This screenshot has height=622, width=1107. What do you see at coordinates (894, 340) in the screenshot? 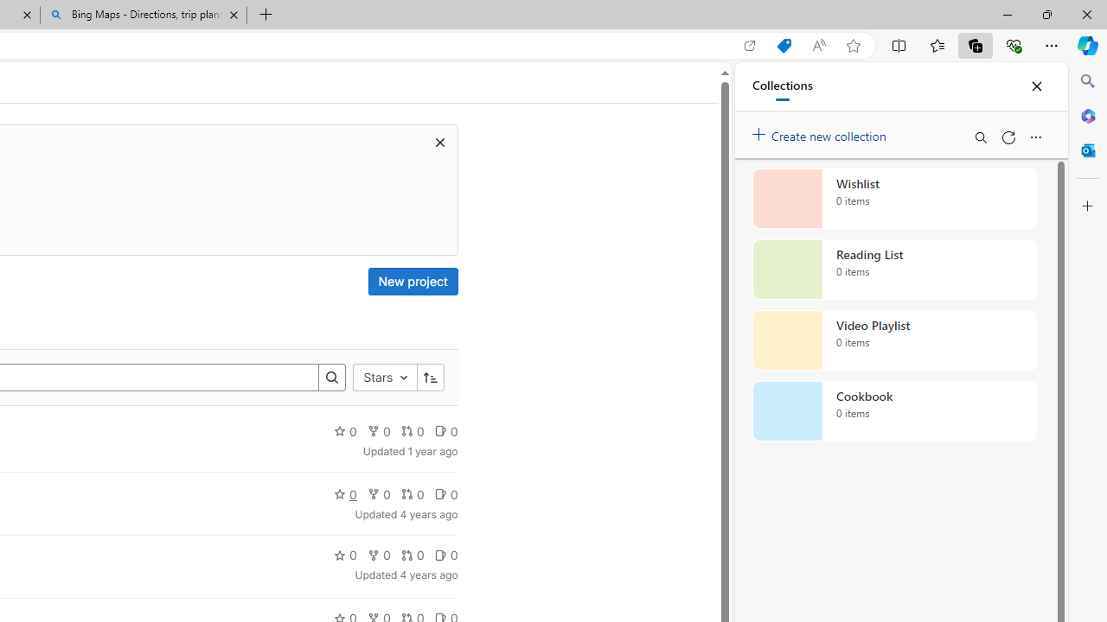
I see `'Video Playlist collection, 0 items'` at bounding box center [894, 340].